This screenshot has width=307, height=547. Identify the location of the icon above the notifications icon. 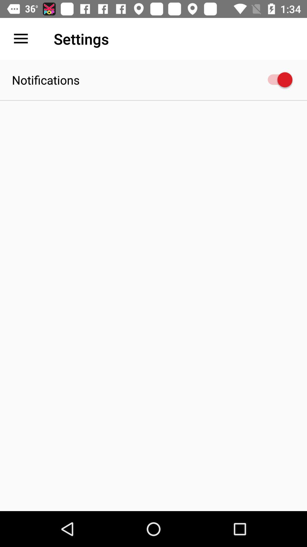
(20, 38).